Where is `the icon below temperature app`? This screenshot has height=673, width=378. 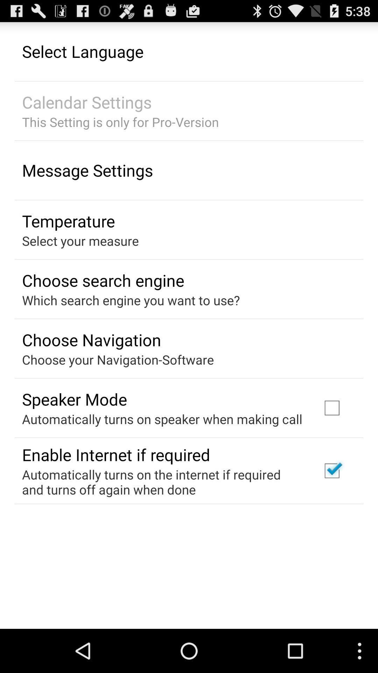
the icon below temperature app is located at coordinates (80, 240).